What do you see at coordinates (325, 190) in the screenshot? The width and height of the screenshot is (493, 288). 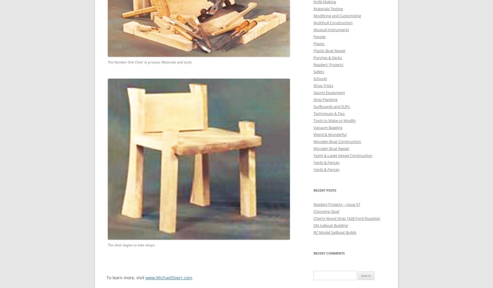 I see `'Recent Posts'` at bounding box center [325, 190].